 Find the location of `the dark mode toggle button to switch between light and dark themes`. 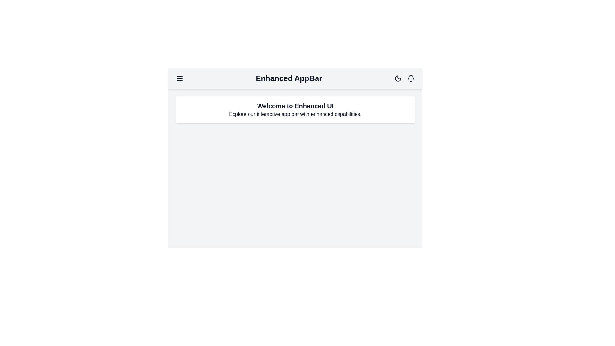

the dark mode toggle button to switch between light and dark themes is located at coordinates (398, 78).